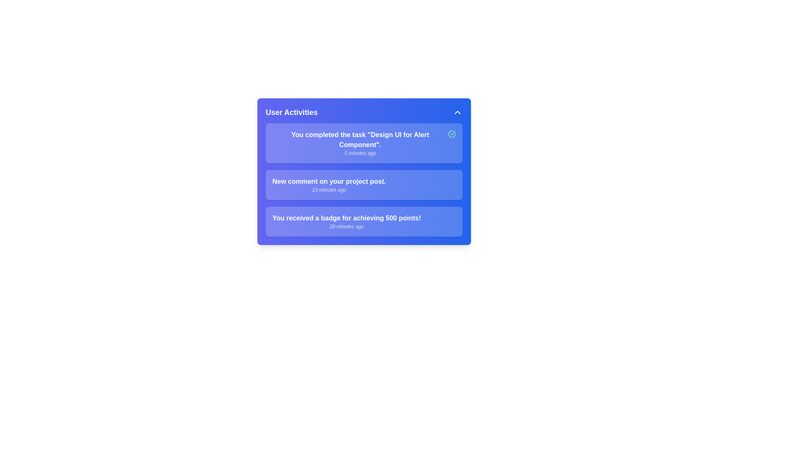 The height and width of the screenshot is (450, 801). What do you see at coordinates (451, 133) in the screenshot?
I see `the green circular checkmark icon located at the rightmost position within the top notification card in the user activity logs` at bounding box center [451, 133].